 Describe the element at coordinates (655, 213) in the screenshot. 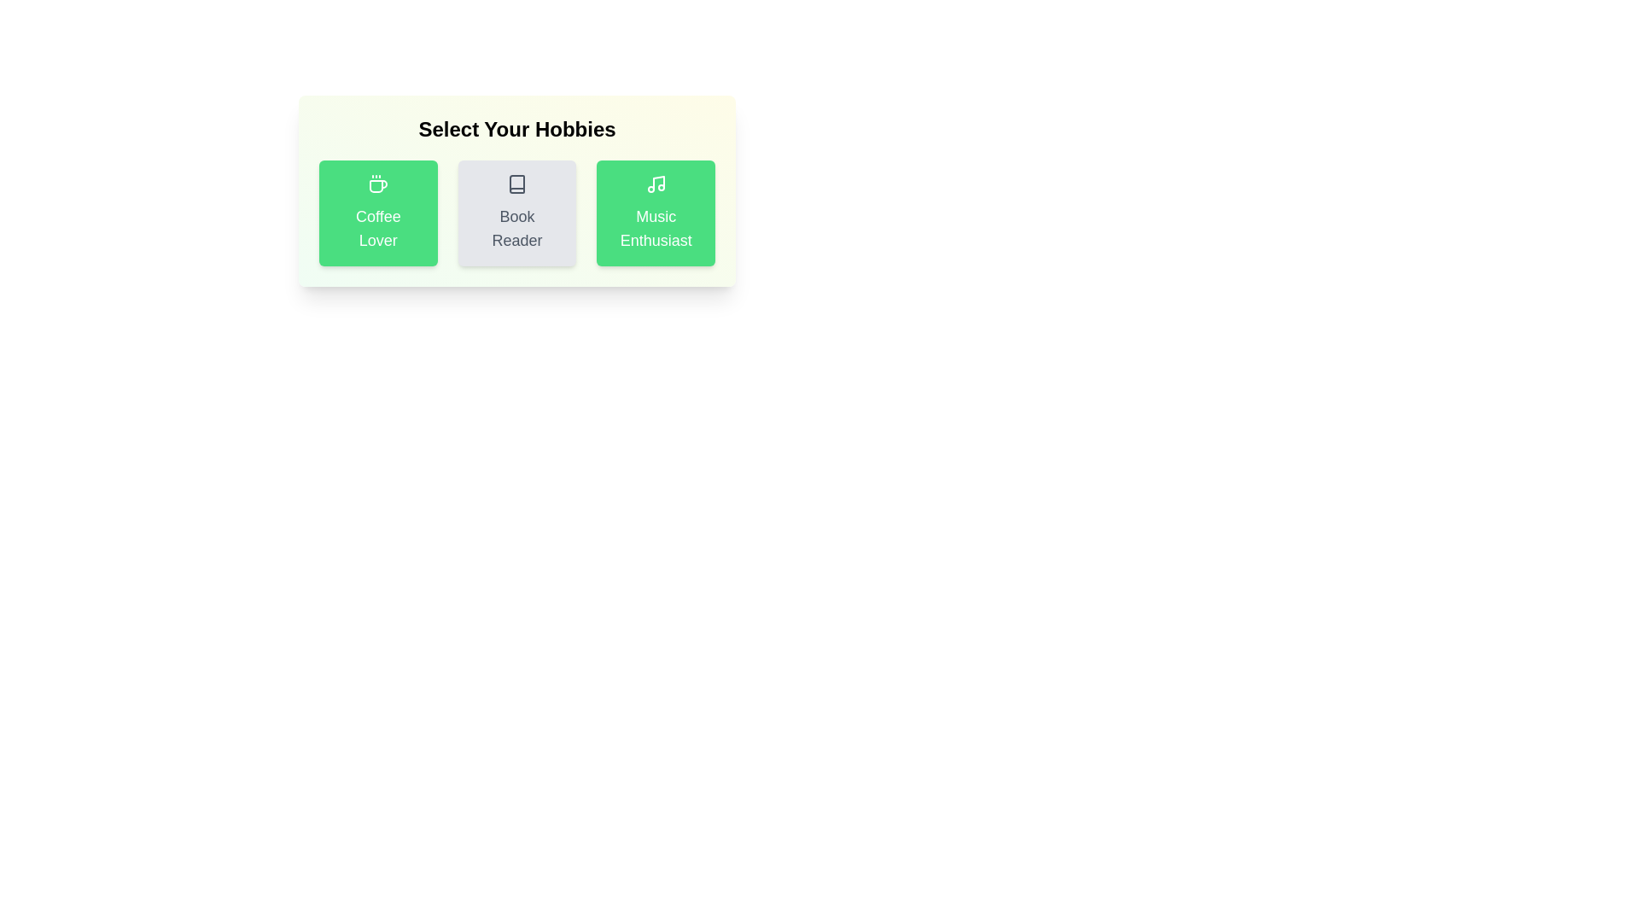

I see `the hobby button corresponding to Music Enthusiast` at that location.